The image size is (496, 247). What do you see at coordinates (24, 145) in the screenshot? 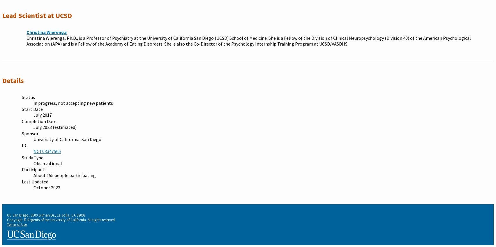
I see `'ID'` at bounding box center [24, 145].